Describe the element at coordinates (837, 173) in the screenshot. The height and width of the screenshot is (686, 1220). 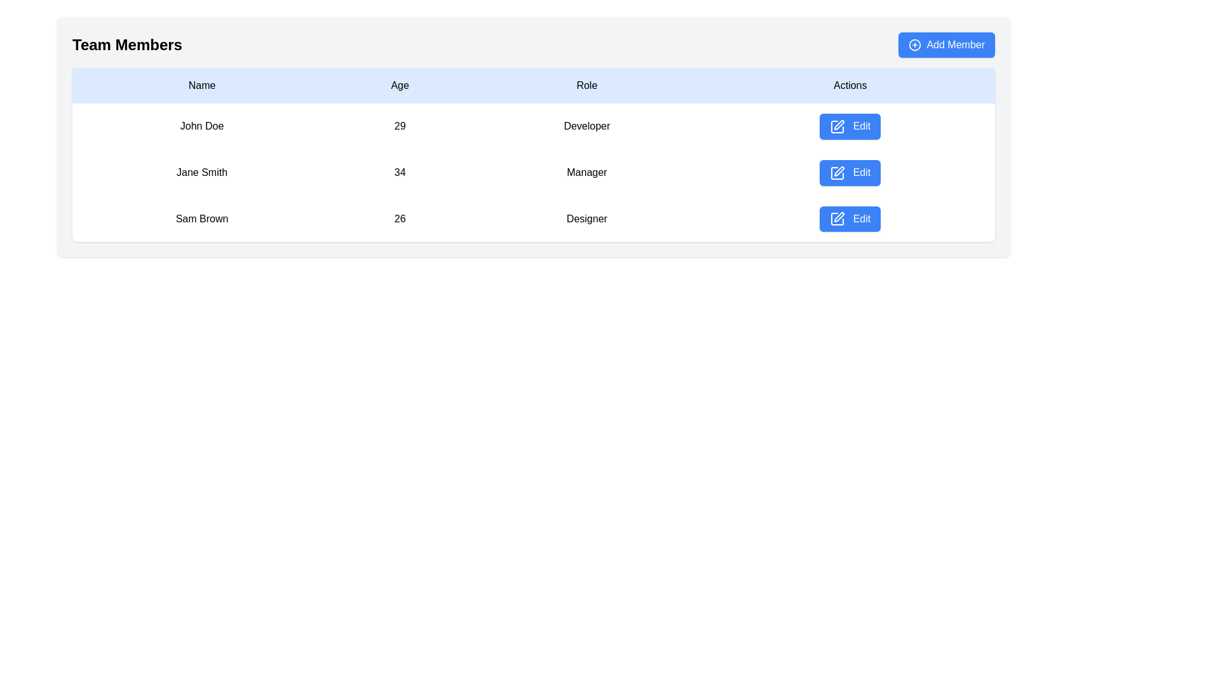
I see `the edit icon button for 'Jane Smith', the Manager, located` at that location.